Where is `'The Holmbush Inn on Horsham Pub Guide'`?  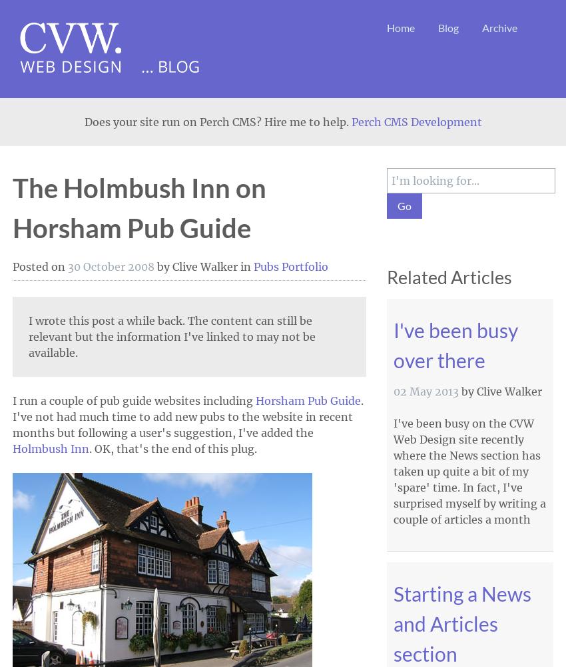 'The Holmbush Inn on Horsham Pub Guide' is located at coordinates (139, 208).